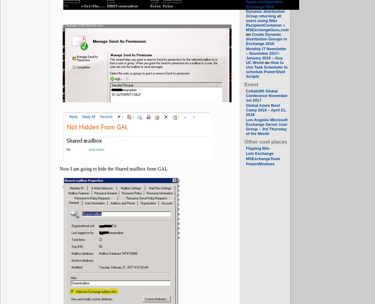 The height and width of the screenshot is (304, 375). I want to click on 'Collab365 Global Conference November 1st 2017', so click(267, 95).